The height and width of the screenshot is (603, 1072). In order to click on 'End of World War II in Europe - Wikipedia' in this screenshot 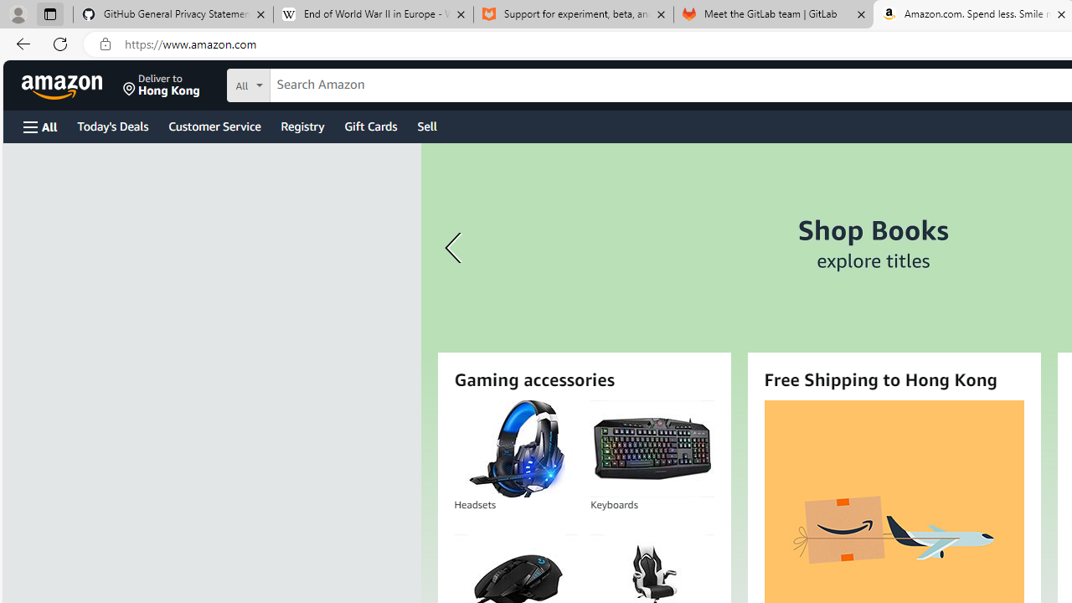, I will do `click(372, 14)`.